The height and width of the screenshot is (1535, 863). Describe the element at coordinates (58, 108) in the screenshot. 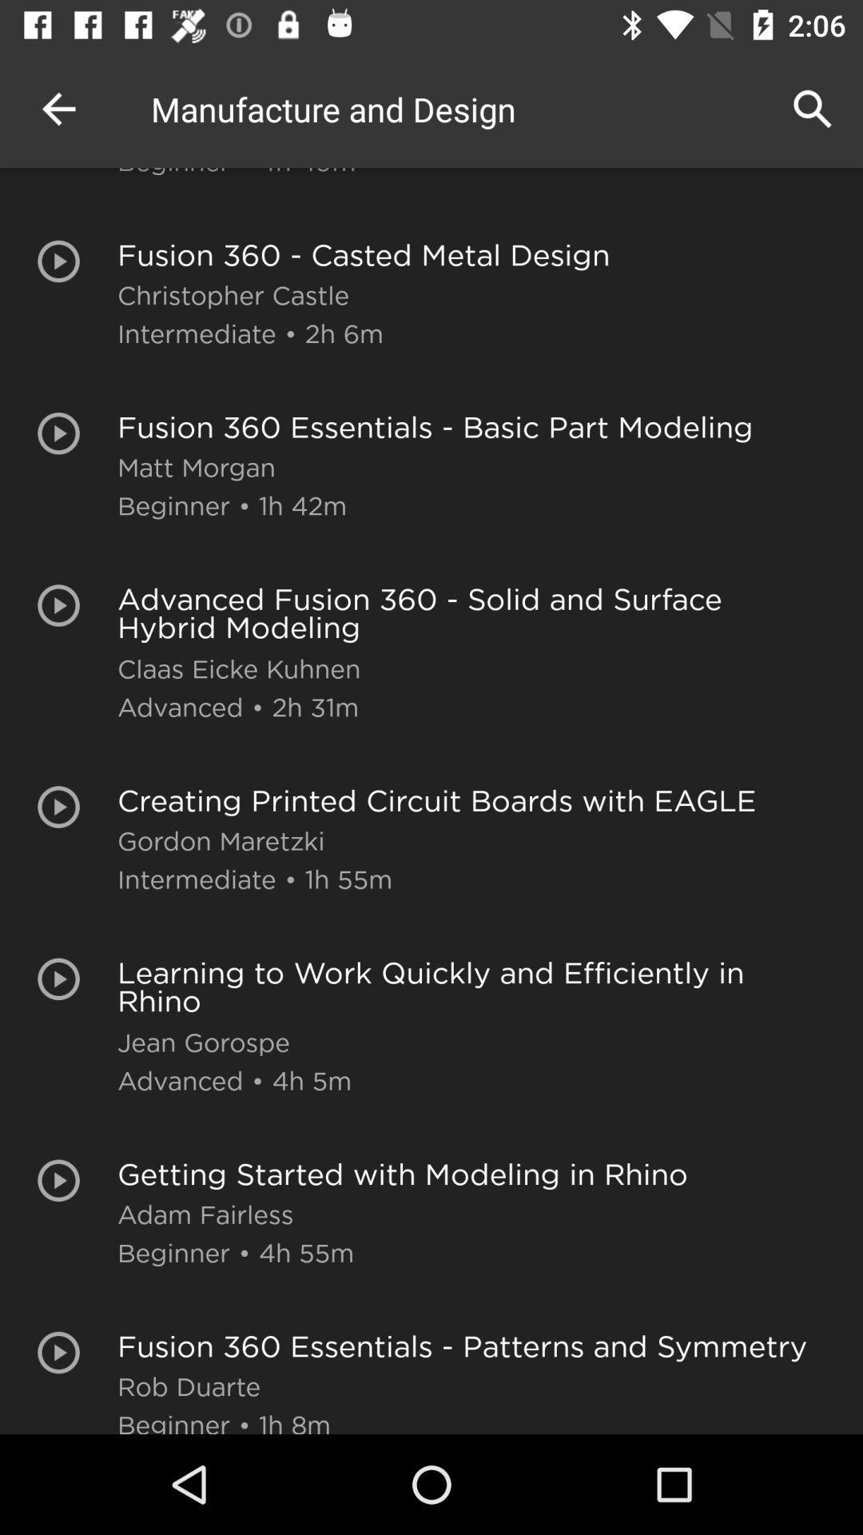

I see `the icon next to manufacture and design item` at that location.